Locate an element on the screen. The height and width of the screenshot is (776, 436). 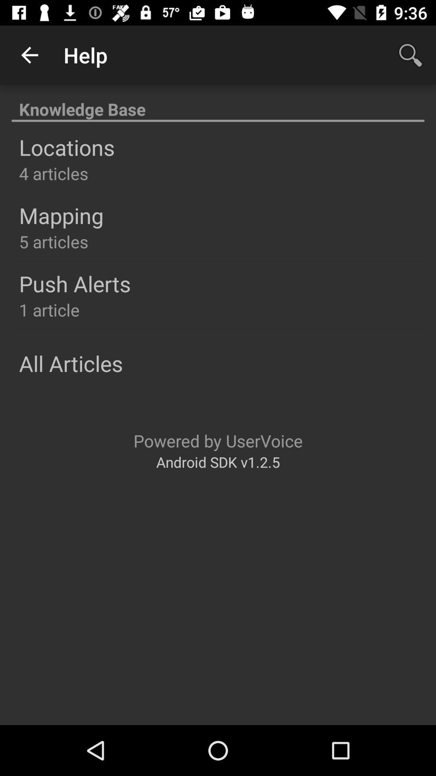
item below the all articles item is located at coordinates (218, 440).